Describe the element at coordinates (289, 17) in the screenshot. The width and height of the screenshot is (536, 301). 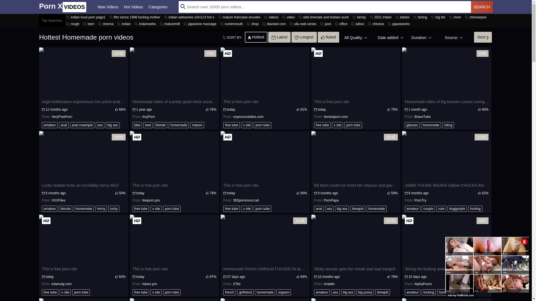
I see `'video'` at that location.